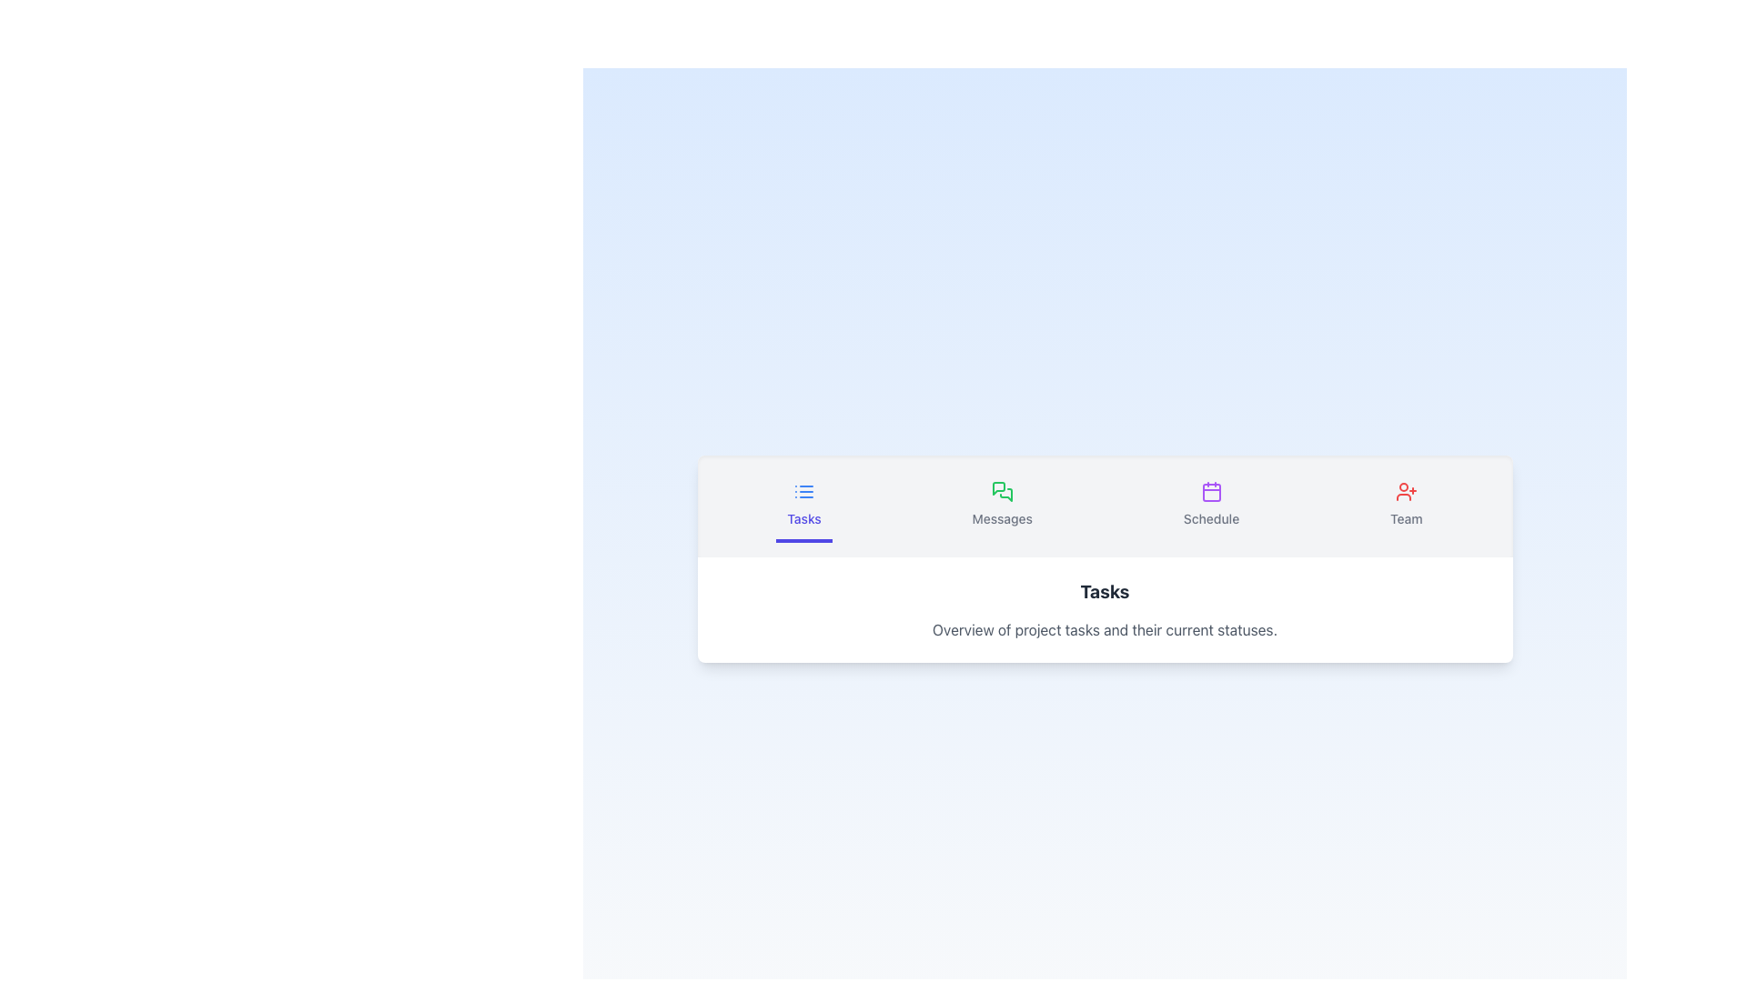 Image resolution: width=1747 pixels, height=982 pixels. Describe the element at coordinates (1405, 518) in the screenshot. I see `'Team' label text located in the bottom right section of the navigation bar, which serves as a label indicating the purpose of the 'Team' navigation section` at that location.